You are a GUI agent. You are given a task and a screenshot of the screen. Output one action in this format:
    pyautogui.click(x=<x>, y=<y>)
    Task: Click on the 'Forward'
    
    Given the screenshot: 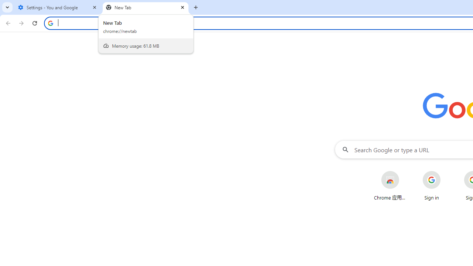 What is the action you would take?
    pyautogui.click(x=21, y=23)
    